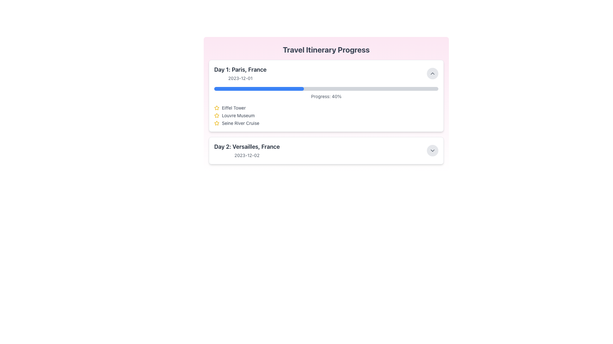 This screenshot has width=613, height=344. Describe the element at coordinates (326, 115) in the screenshot. I see `the textual list component under 'Travel Itinerary Progress'` at that location.